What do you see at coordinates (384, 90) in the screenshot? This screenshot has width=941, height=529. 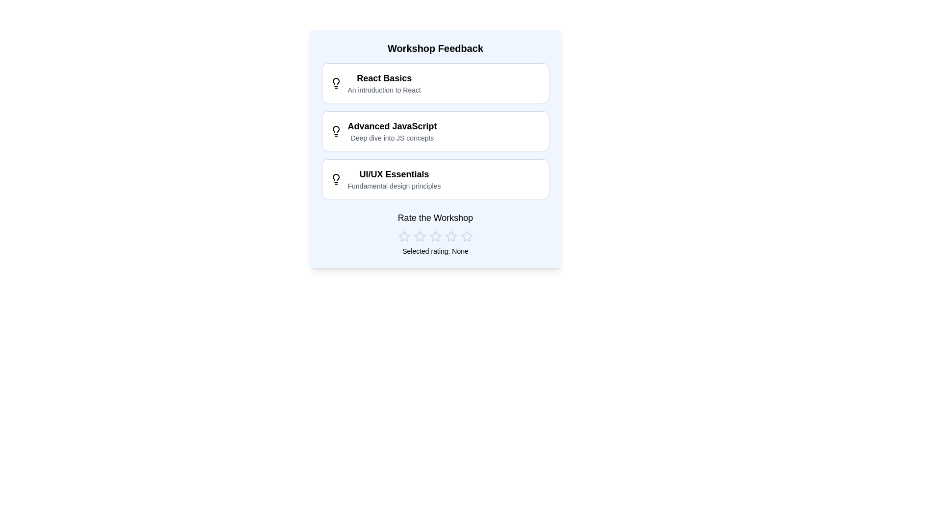 I see `the text element that reads 'An introduction to React.' which is styled with a smaller font size and muted gray color, positioned directly below the 'React Basics' title` at bounding box center [384, 90].